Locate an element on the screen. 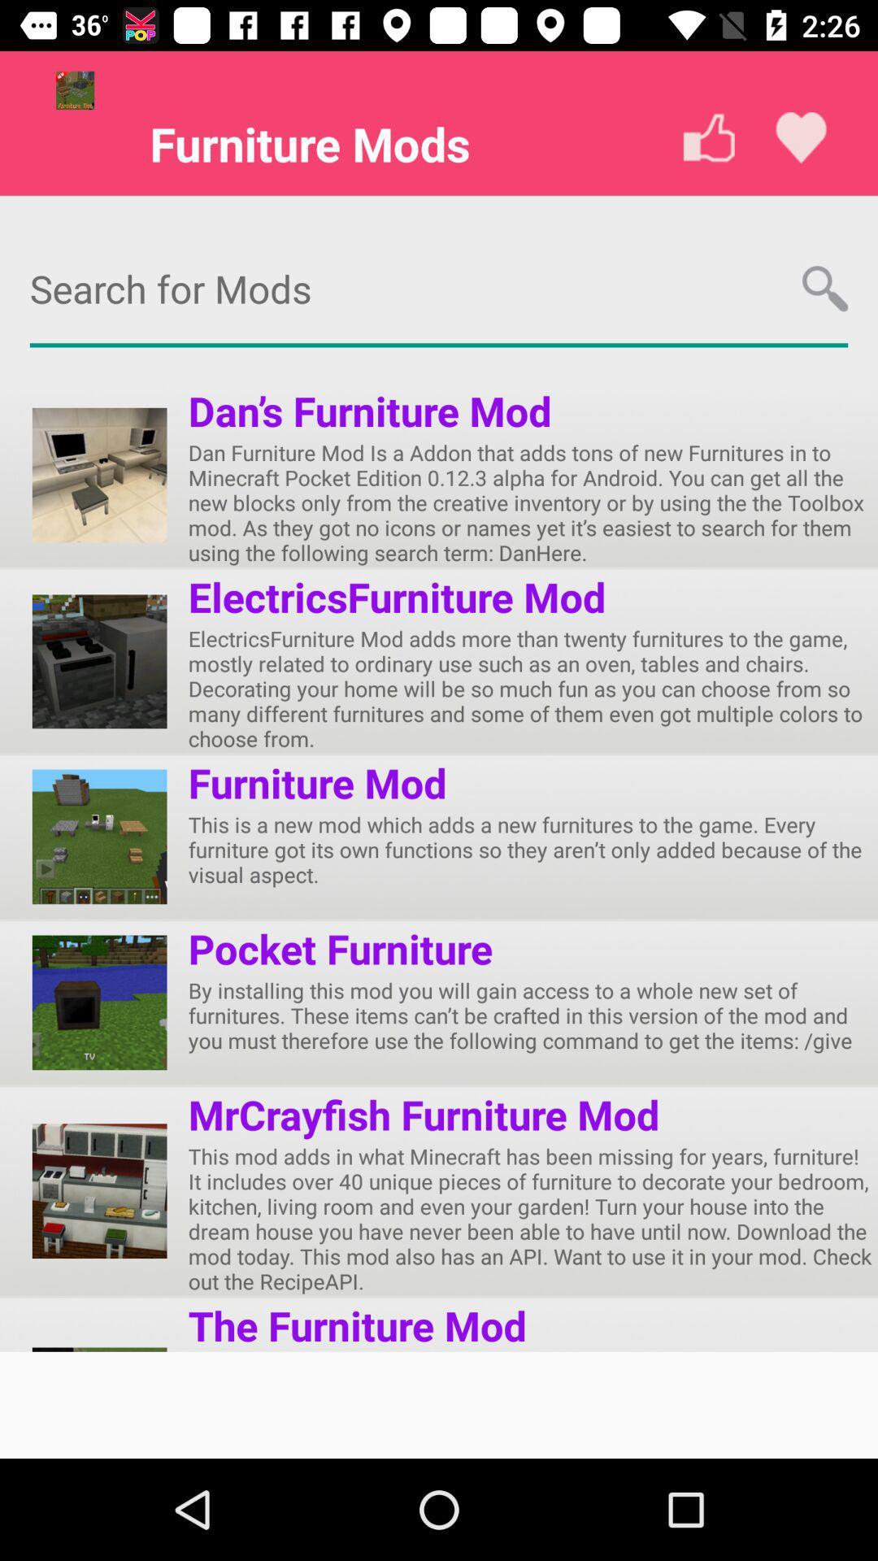 This screenshot has height=1561, width=878. the favorite icon is located at coordinates (800, 137).